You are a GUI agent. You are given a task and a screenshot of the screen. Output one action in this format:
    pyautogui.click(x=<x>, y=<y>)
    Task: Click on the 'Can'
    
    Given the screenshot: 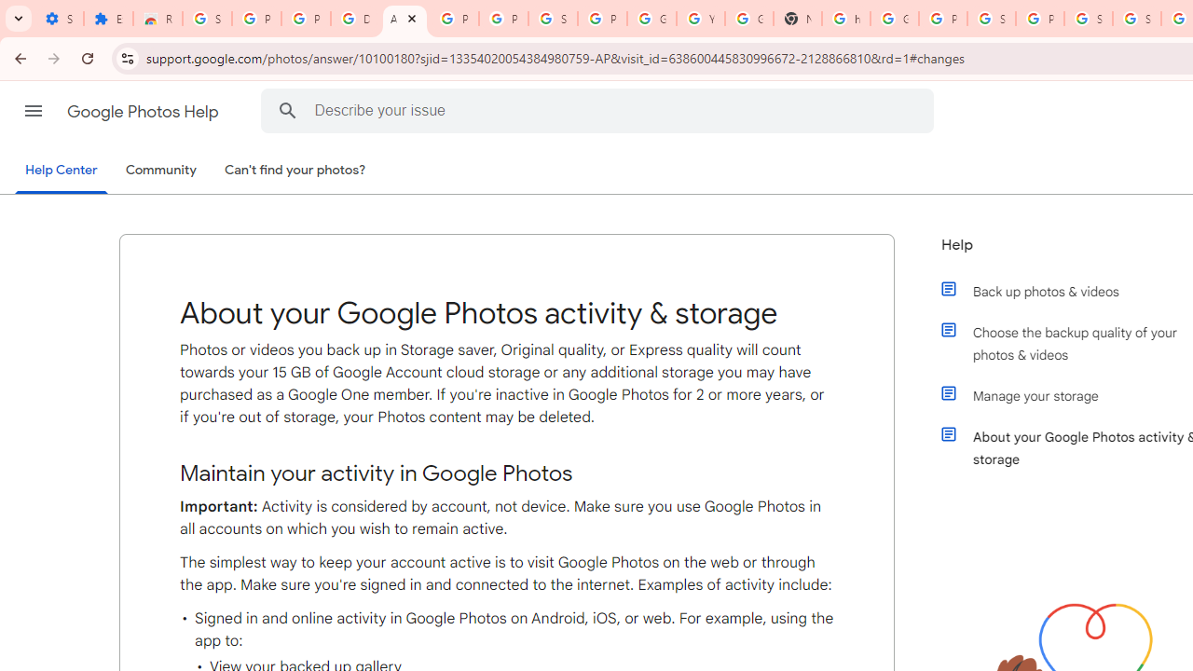 What is the action you would take?
    pyautogui.click(x=295, y=171)
    